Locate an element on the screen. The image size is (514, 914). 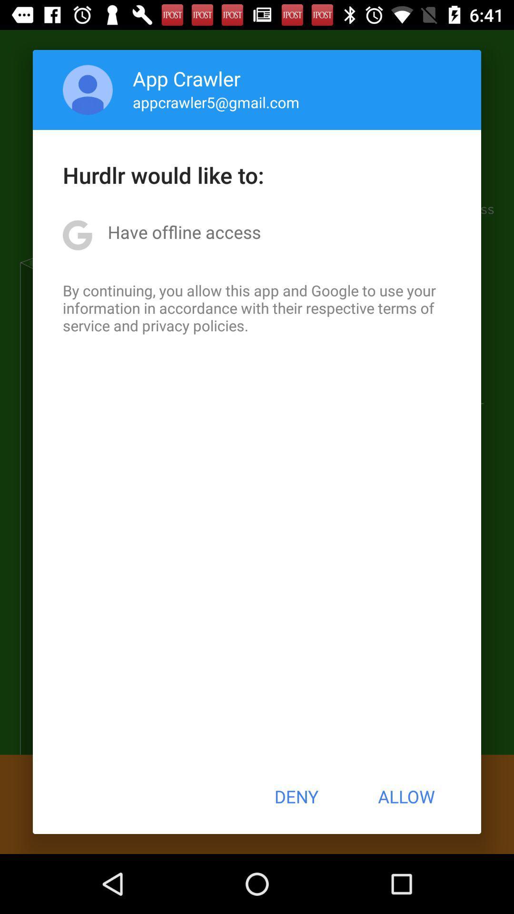
app crawler app is located at coordinates (187, 78).